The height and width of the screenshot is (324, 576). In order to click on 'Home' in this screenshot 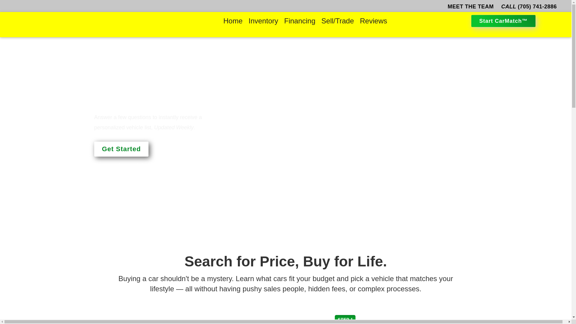, I will do `click(232, 20)`.